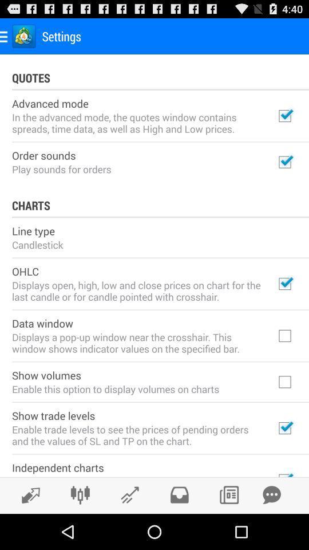  Describe the element at coordinates (80, 494) in the screenshot. I see `plug in` at that location.